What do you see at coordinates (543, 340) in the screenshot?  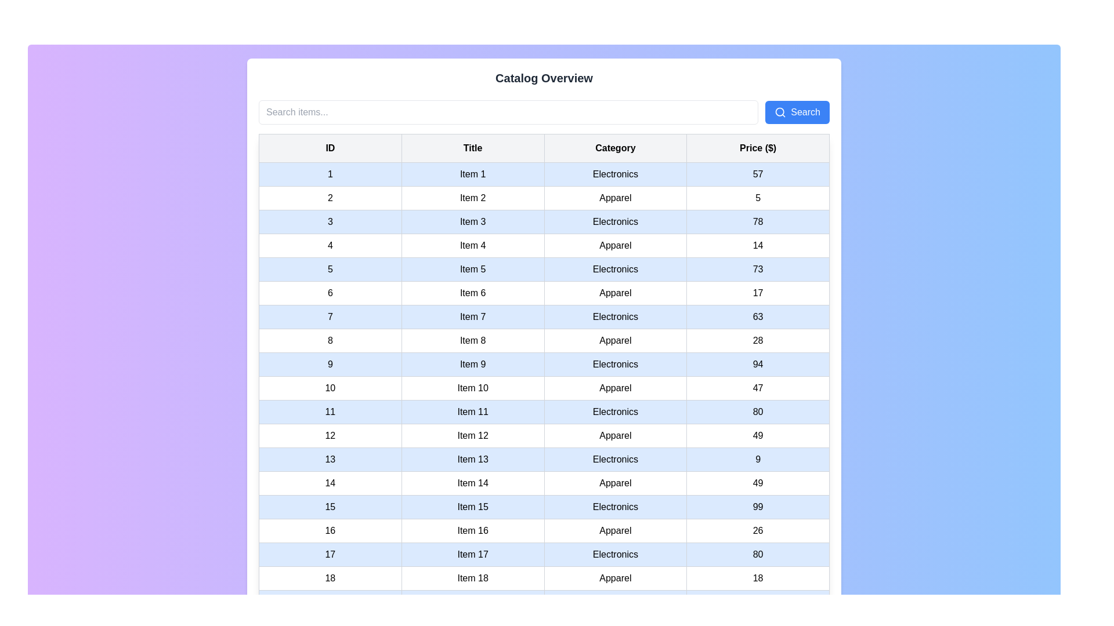 I see `the tabular row element in the eighth row containing values '8', 'Item 8', 'Apparel', and '28' with a white background` at bounding box center [543, 340].